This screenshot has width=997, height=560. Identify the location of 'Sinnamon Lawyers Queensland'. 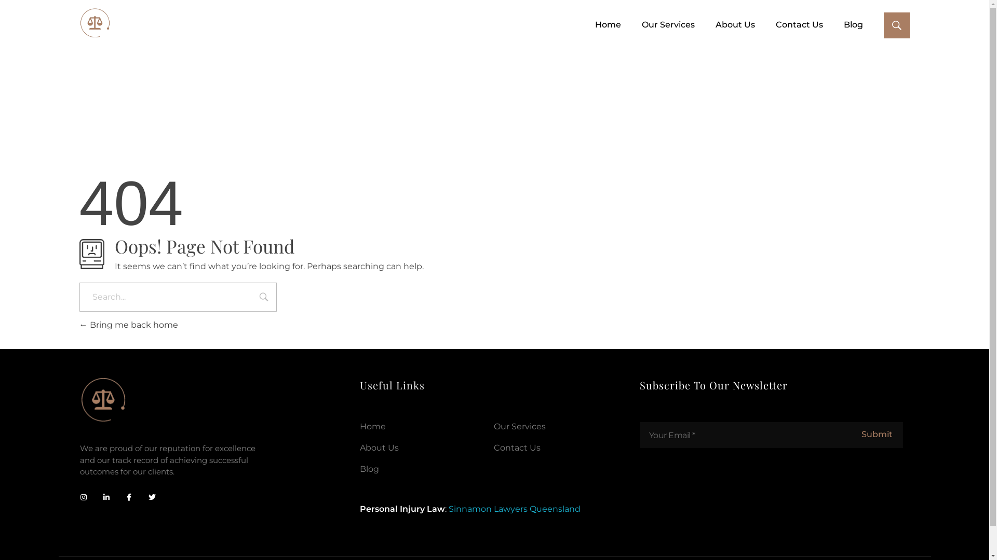
(514, 508).